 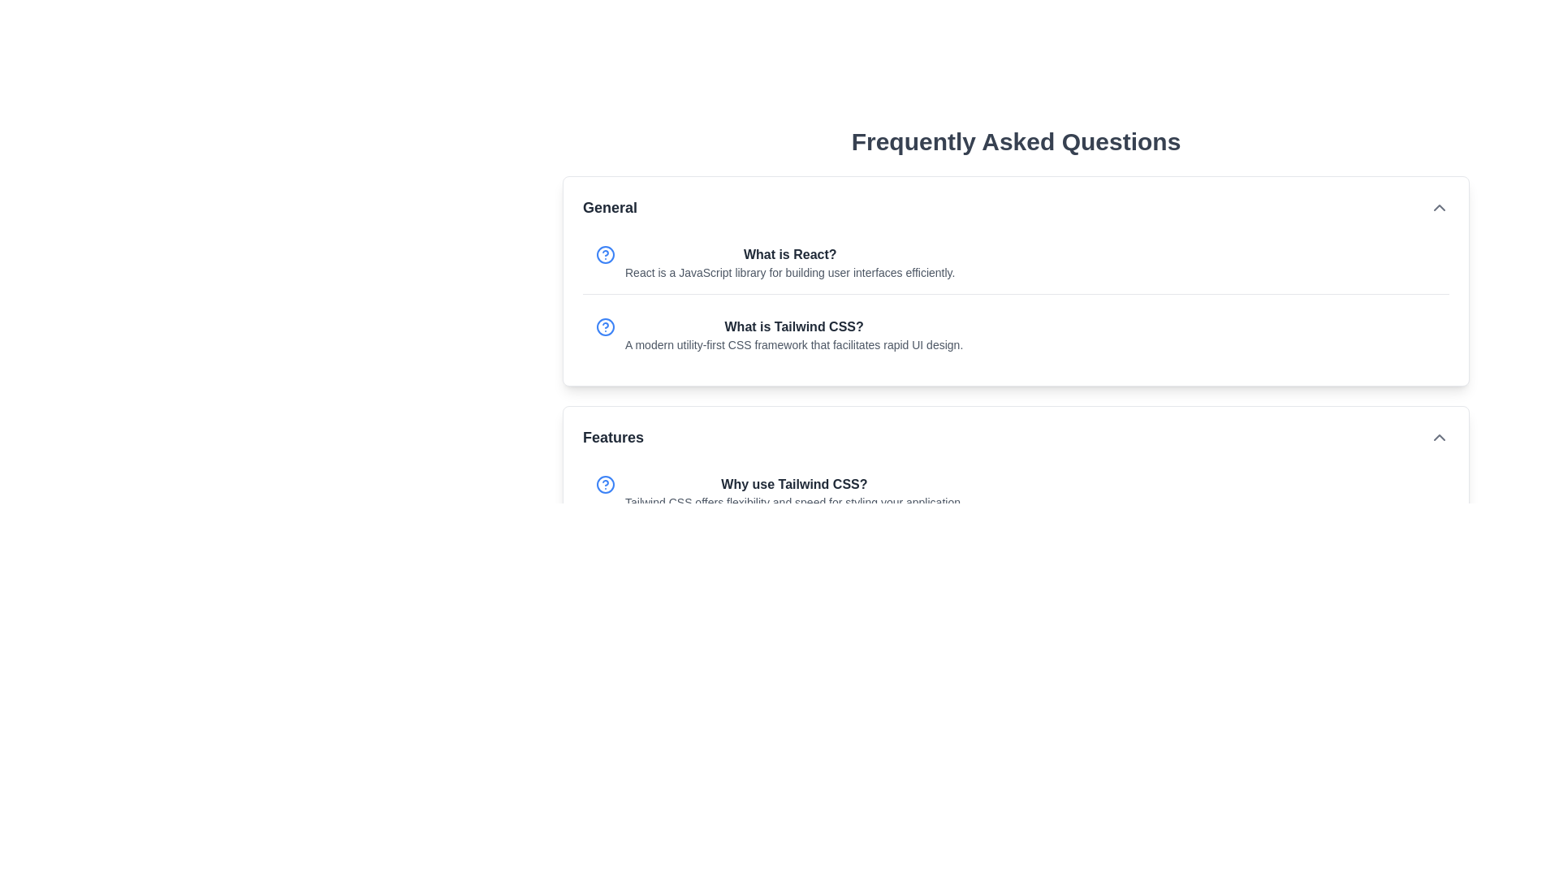 I want to click on the bold text label 'General' located at the top-left corner of the accordion section, so click(x=609, y=206).